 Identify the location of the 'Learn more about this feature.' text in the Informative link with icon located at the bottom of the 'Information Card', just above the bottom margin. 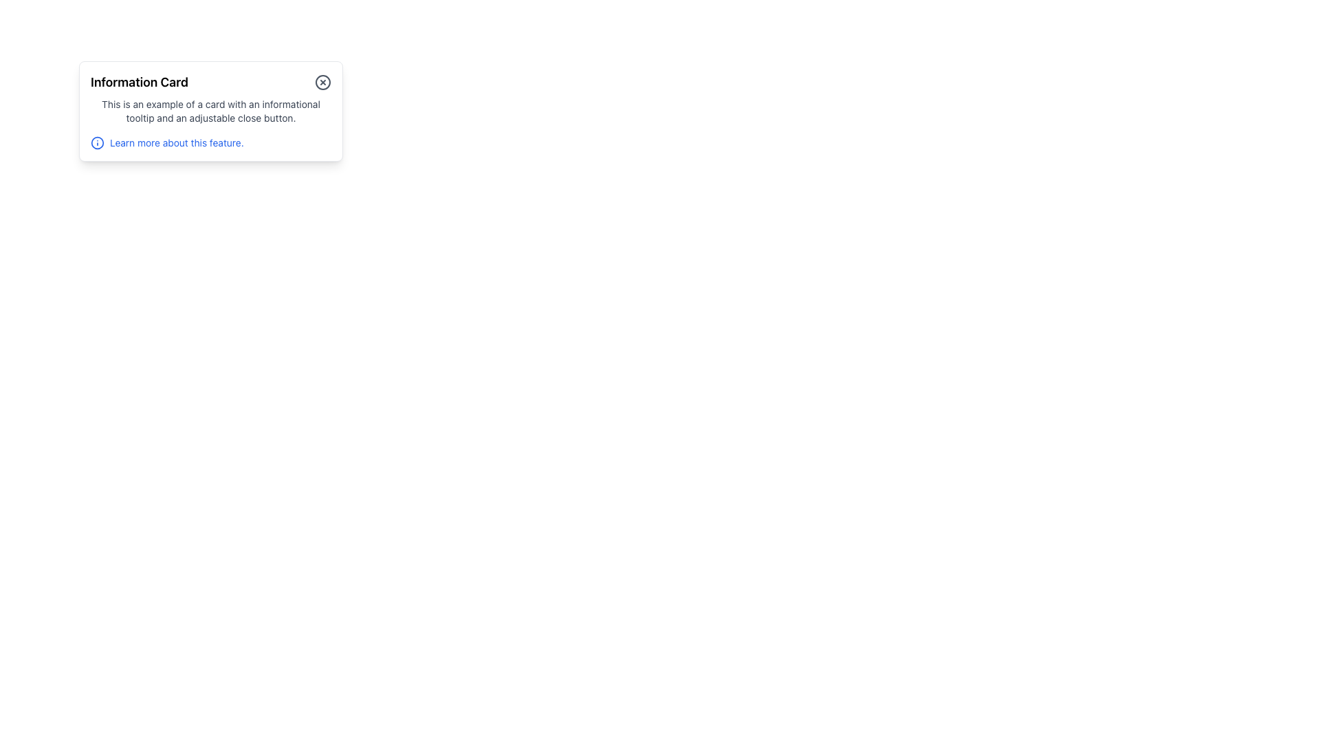
(210, 143).